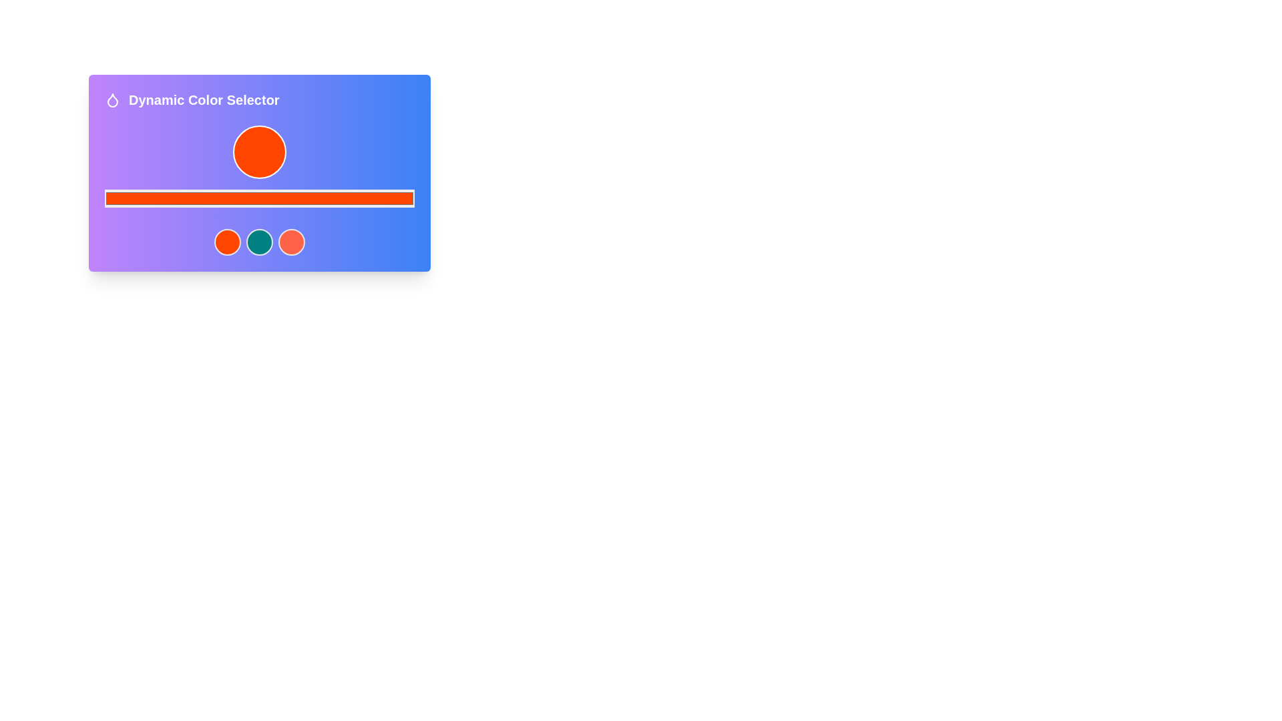 The height and width of the screenshot is (721, 1282). What do you see at coordinates (259, 99) in the screenshot?
I see `the header element titled 'Dynamic Color Selector' which has bold white text on a gradient background and a droplet icon on its left` at bounding box center [259, 99].